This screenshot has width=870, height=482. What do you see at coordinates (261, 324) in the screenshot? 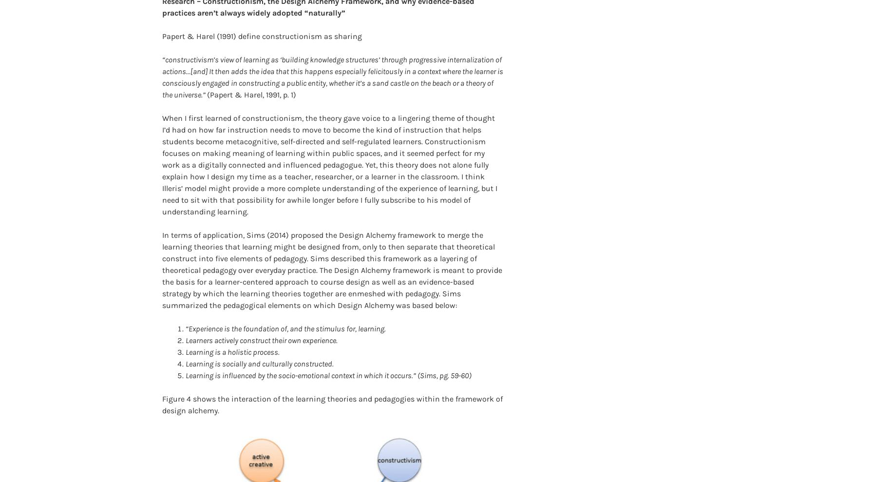
I see `'Learners actively construct their own experience.'` at bounding box center [261, 324].